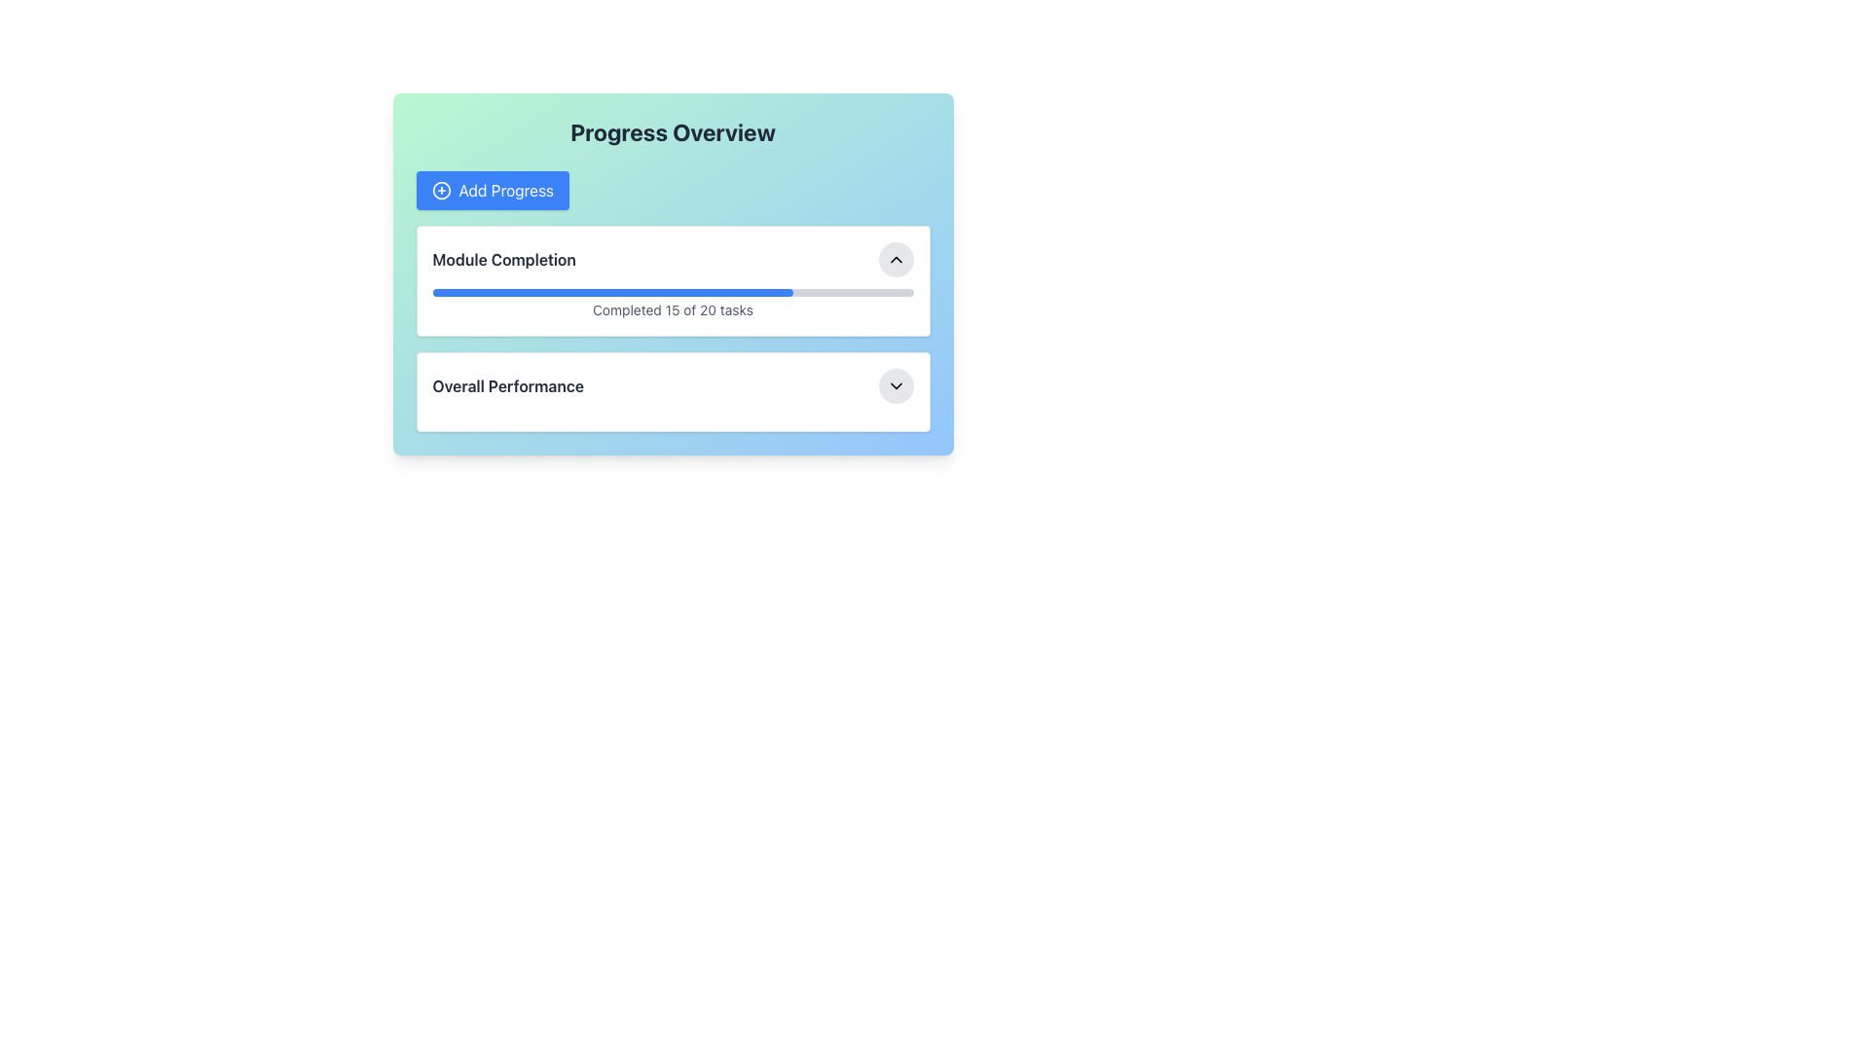 The width and height of the screenshot is (1869, 1051). Describe the element at coordinates (895, 258) in the screenshot. I see `the interactive button located to the right of the progress bar in the 'Module Completion' section` at that location.